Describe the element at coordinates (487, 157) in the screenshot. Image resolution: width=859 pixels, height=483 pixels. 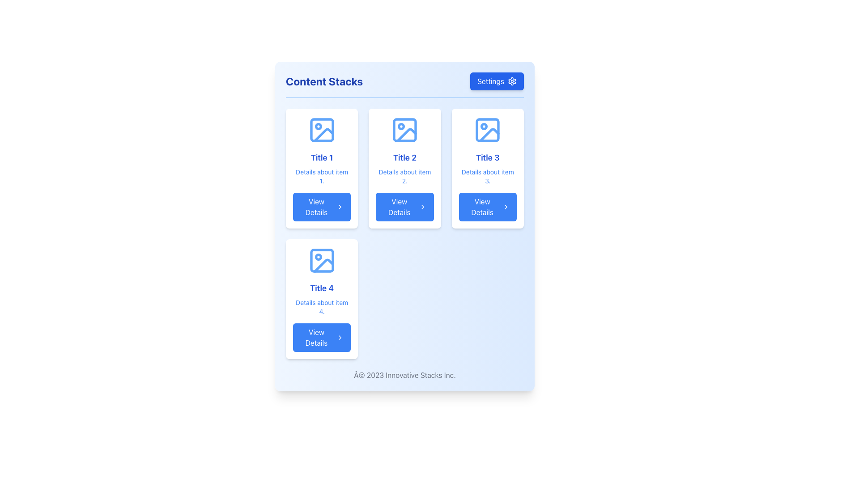
I see `text of the title element for 'Title 3', which is centrally located above the descriptive text and below an image icon` at that location.